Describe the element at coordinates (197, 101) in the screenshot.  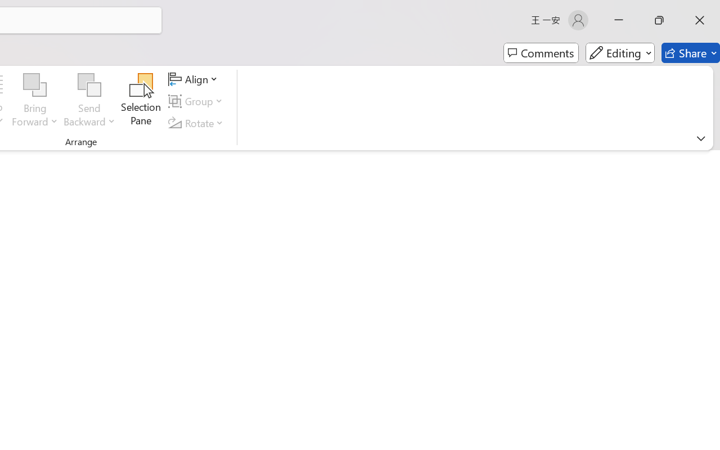
I see `'Group'` at that location.